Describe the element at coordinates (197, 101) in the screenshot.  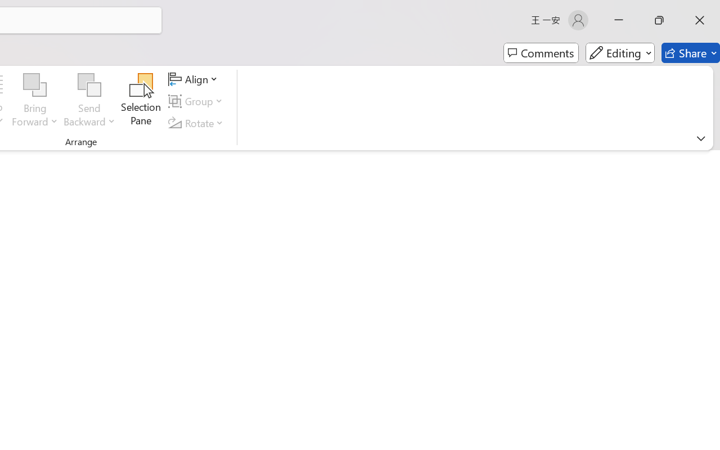
I see `'Group'` at that location.